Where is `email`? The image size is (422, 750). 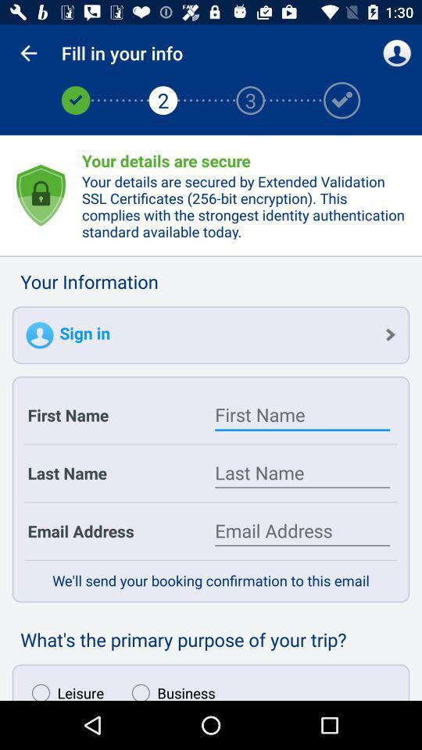 email is located at coordinates (302, 530).